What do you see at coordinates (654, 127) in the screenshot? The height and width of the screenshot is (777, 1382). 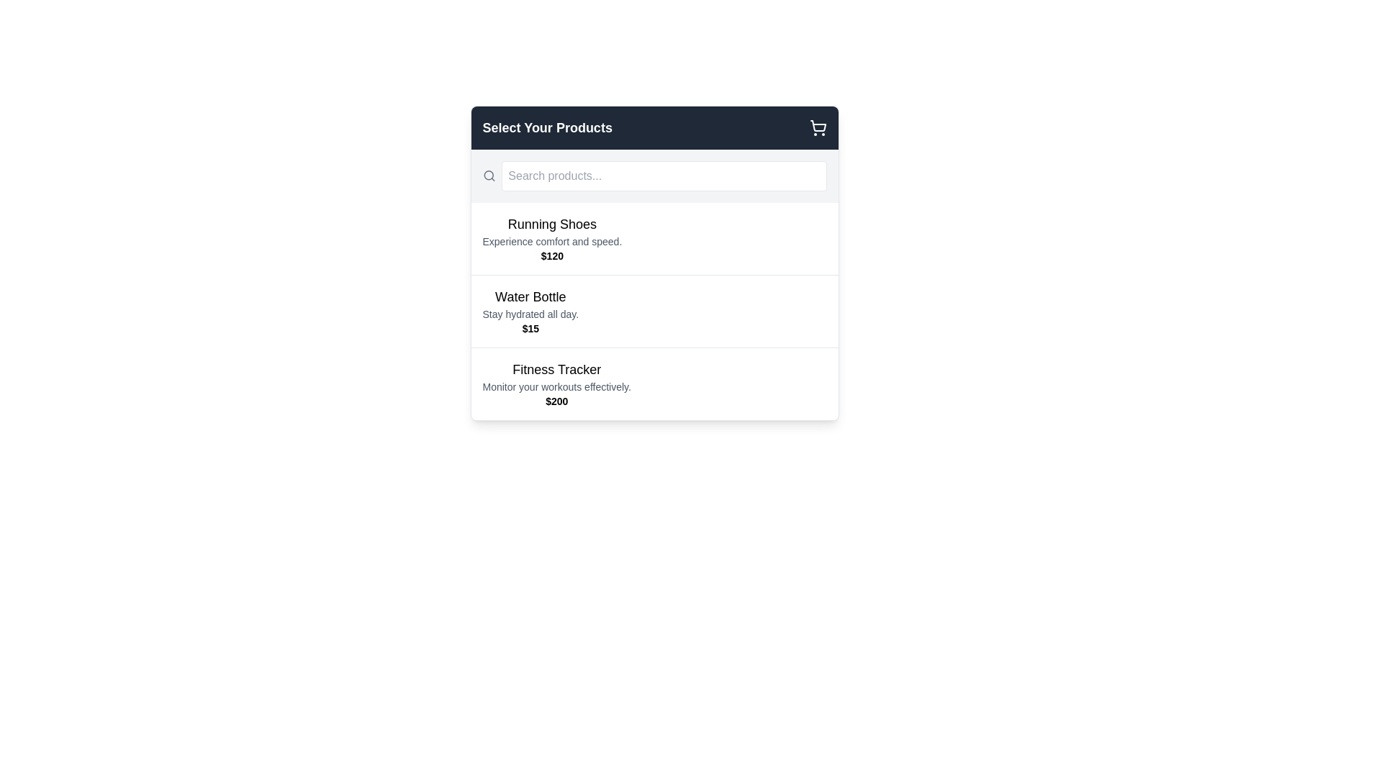 I see `the shopping cart icon located on the right edge of the Header section with a dark gray background` at bounding box center [654, 127].